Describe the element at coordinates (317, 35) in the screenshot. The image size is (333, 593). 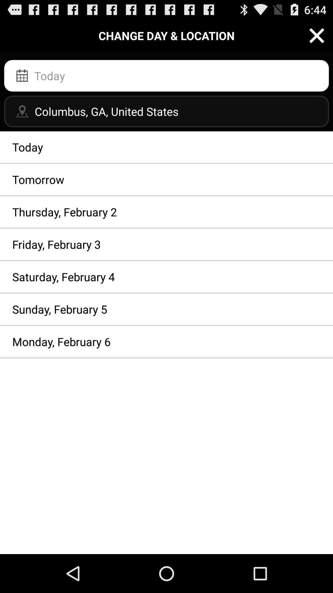
I see `icon at the top right corner` at that location.